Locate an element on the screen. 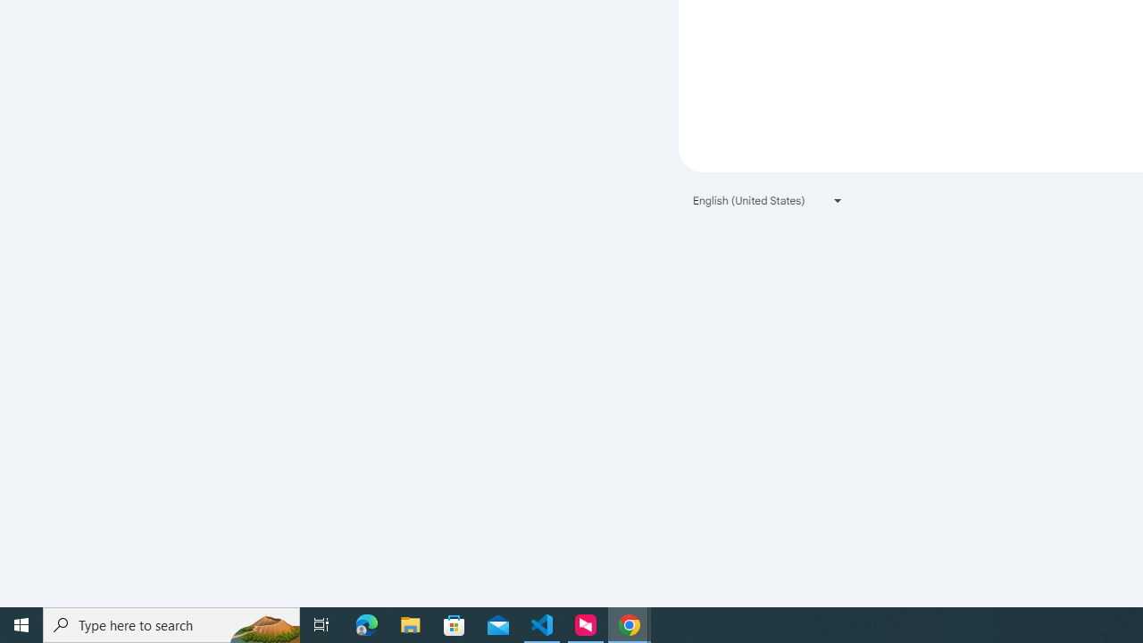 The image size is (1143, 643). 'English (United States)' is located at coordinates (768, 200).